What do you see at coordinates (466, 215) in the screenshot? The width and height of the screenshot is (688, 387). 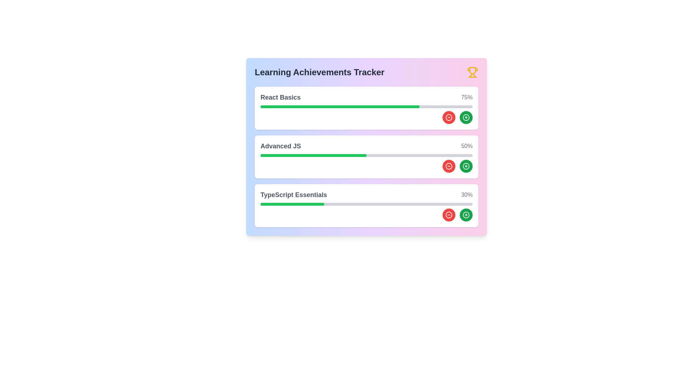 I see `the central circular component of the green 'add' button, which is located on the far right of the 'TypeScript Essentials' progress tracker row` at bounding box center [466, 215].